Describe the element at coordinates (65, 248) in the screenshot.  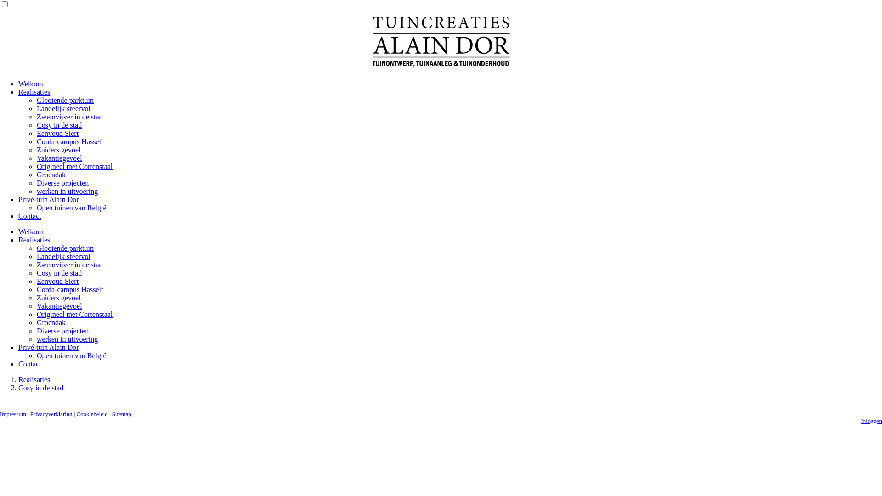
I see `'Glooiende parktuin'` at that location.